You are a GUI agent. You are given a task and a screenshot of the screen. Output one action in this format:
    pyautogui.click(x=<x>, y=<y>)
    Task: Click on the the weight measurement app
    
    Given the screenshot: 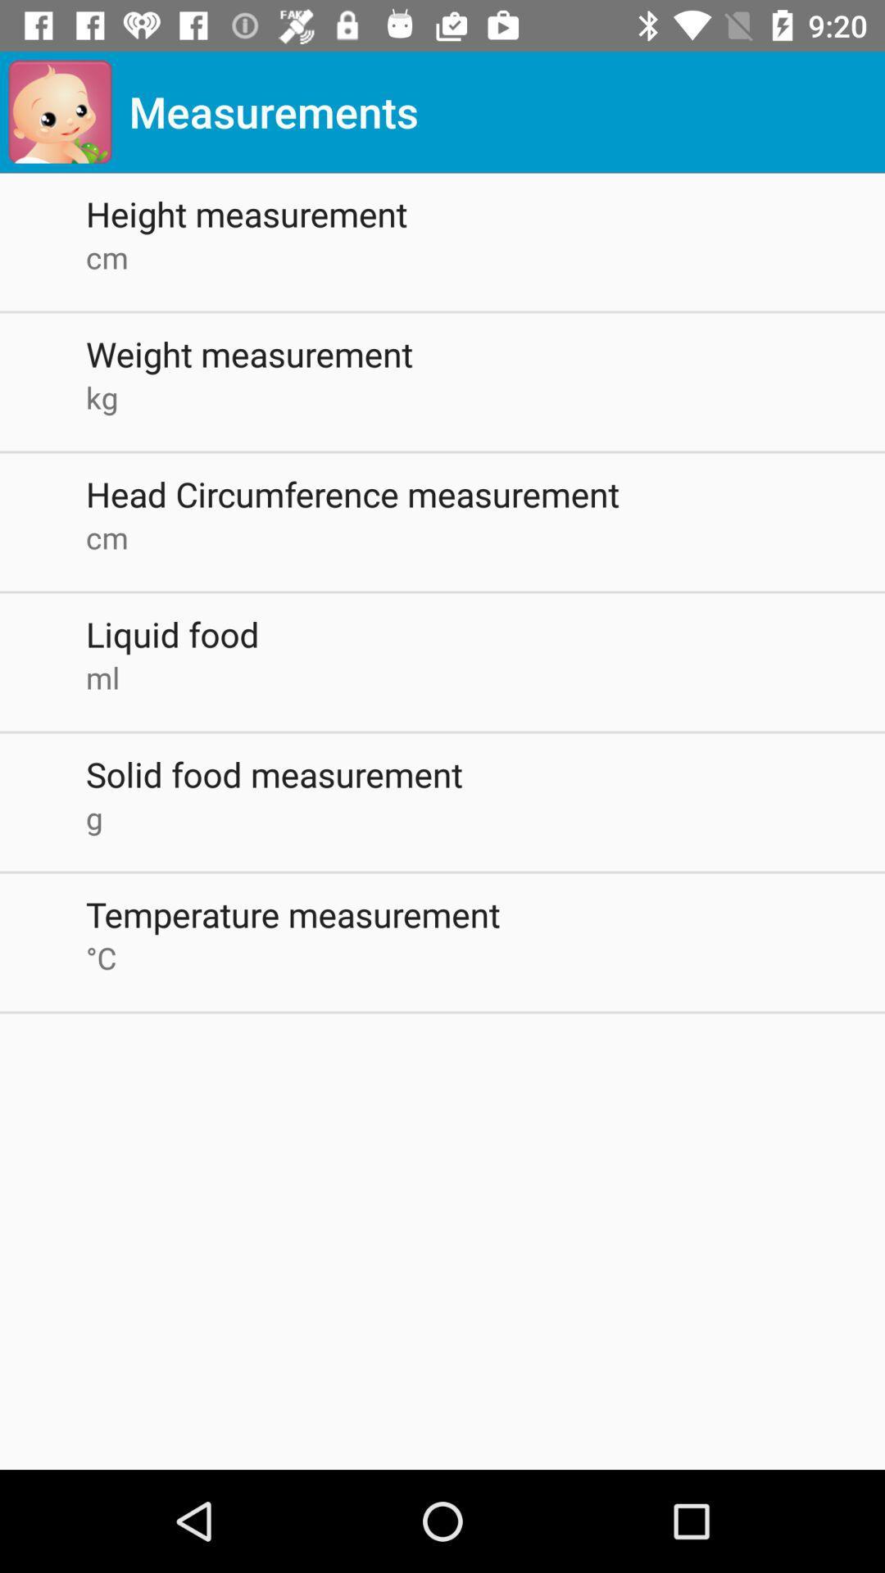 What is the action you would take?
    pyautogui.click(x=484, y=353)
    